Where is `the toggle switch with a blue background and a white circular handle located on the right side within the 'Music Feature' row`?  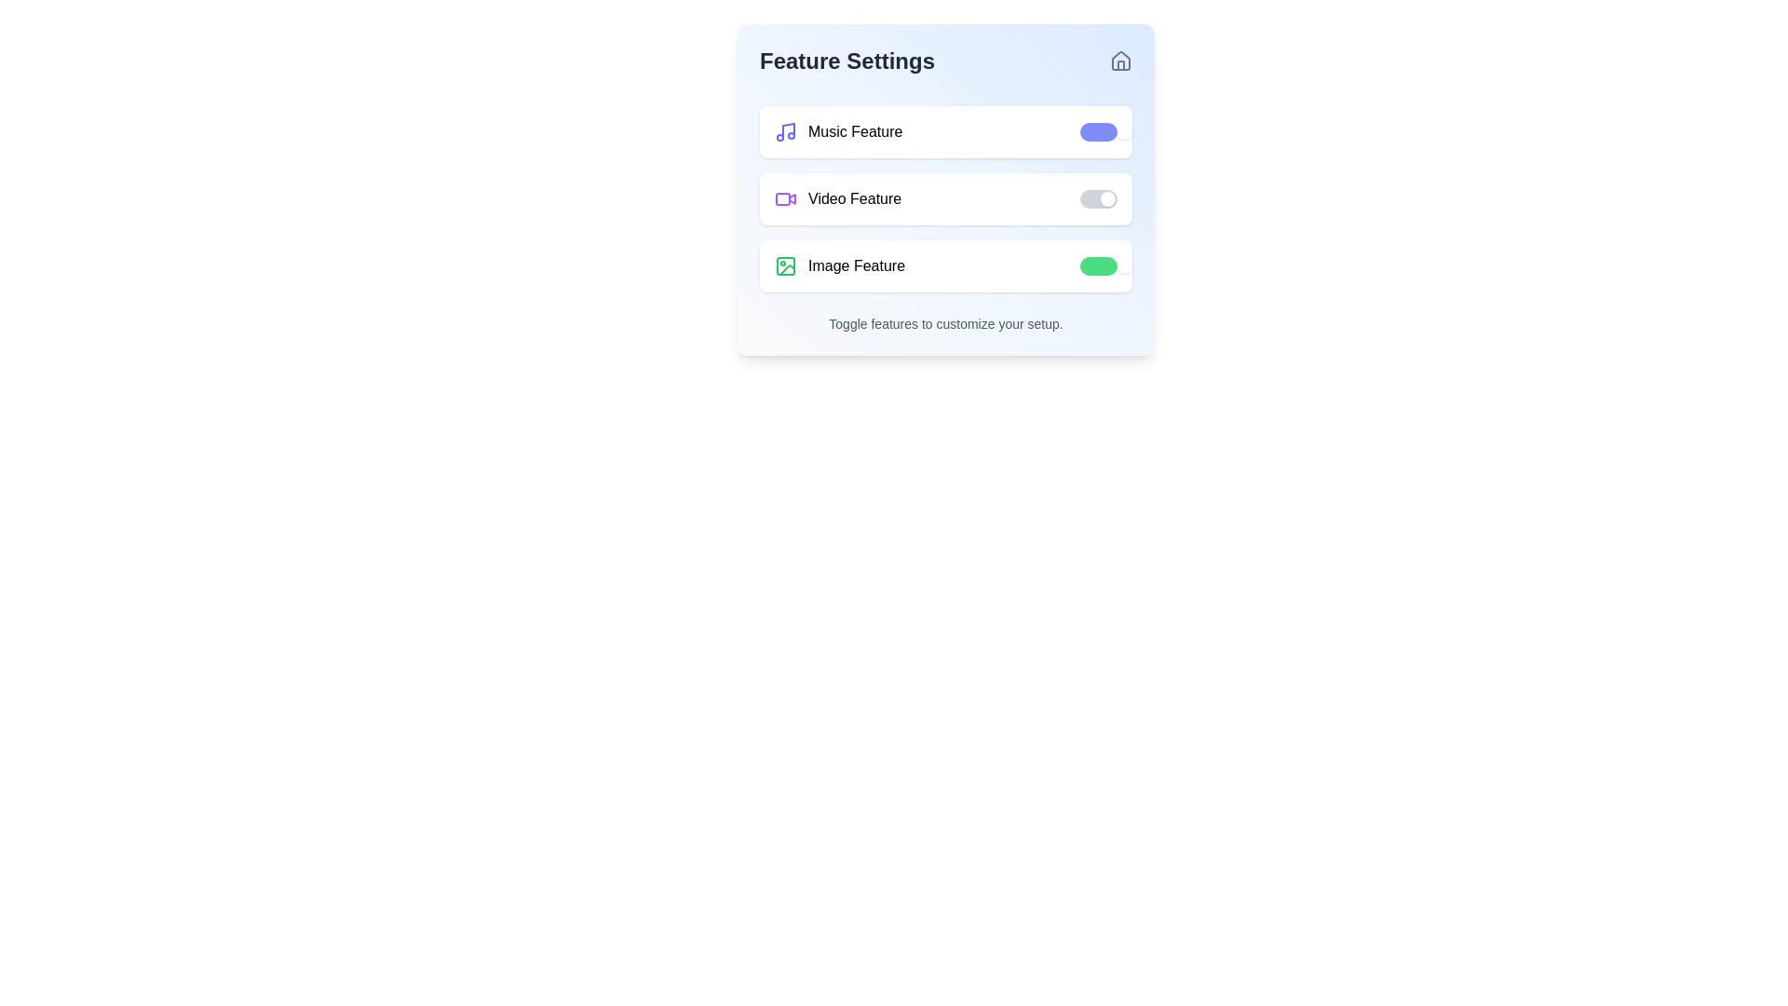 the toggle switch with a blue background and a white circular handle located on the right side within the 'Music Feature' row is located at coordinates (1099, 131).